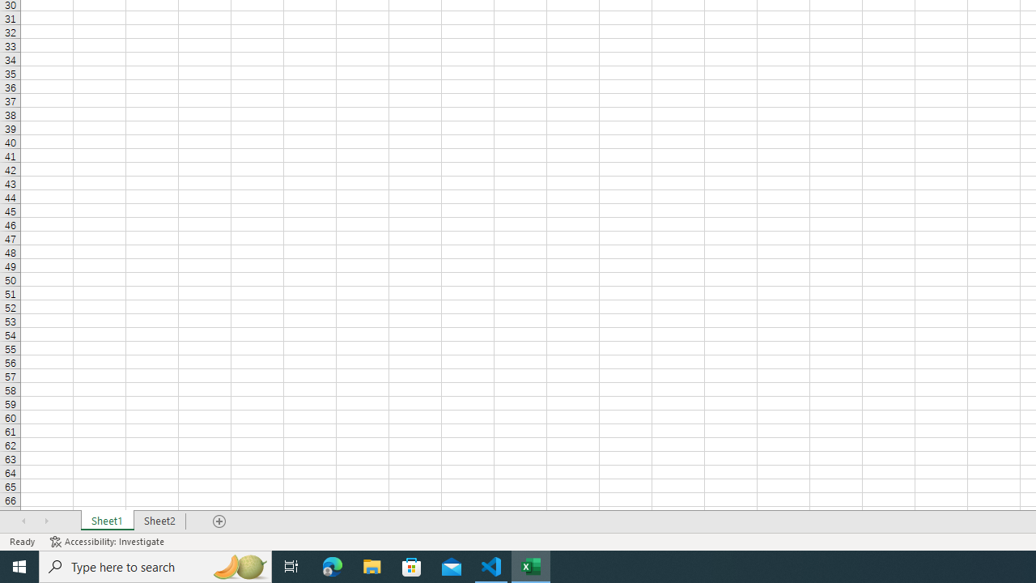 The width and height of the screenshot is (1036, 583). What do you see at coordinates (108, 542) in the screenshot?
I see `'Accessibility Checker Accessibility: Investigate'` at bounding box center [108, 542].